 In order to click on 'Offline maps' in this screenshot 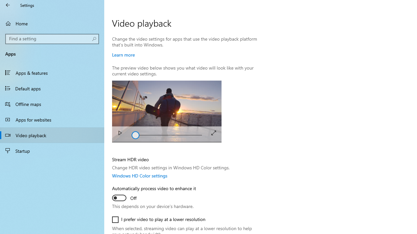, I will do `click(52, 104)`.